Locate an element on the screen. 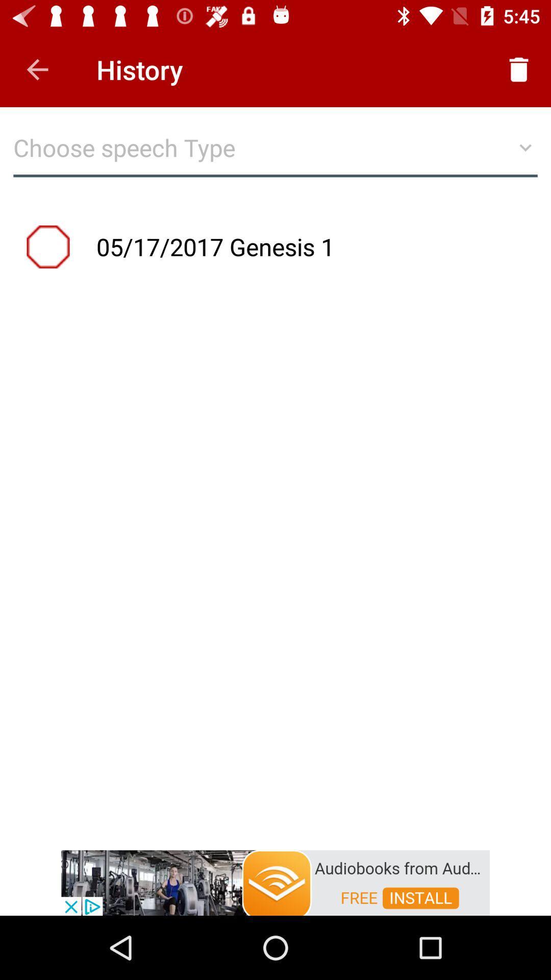 Image resolution: width=551 pixels, height=980 pixels. choose speech type is located at coordinates (275, 152).